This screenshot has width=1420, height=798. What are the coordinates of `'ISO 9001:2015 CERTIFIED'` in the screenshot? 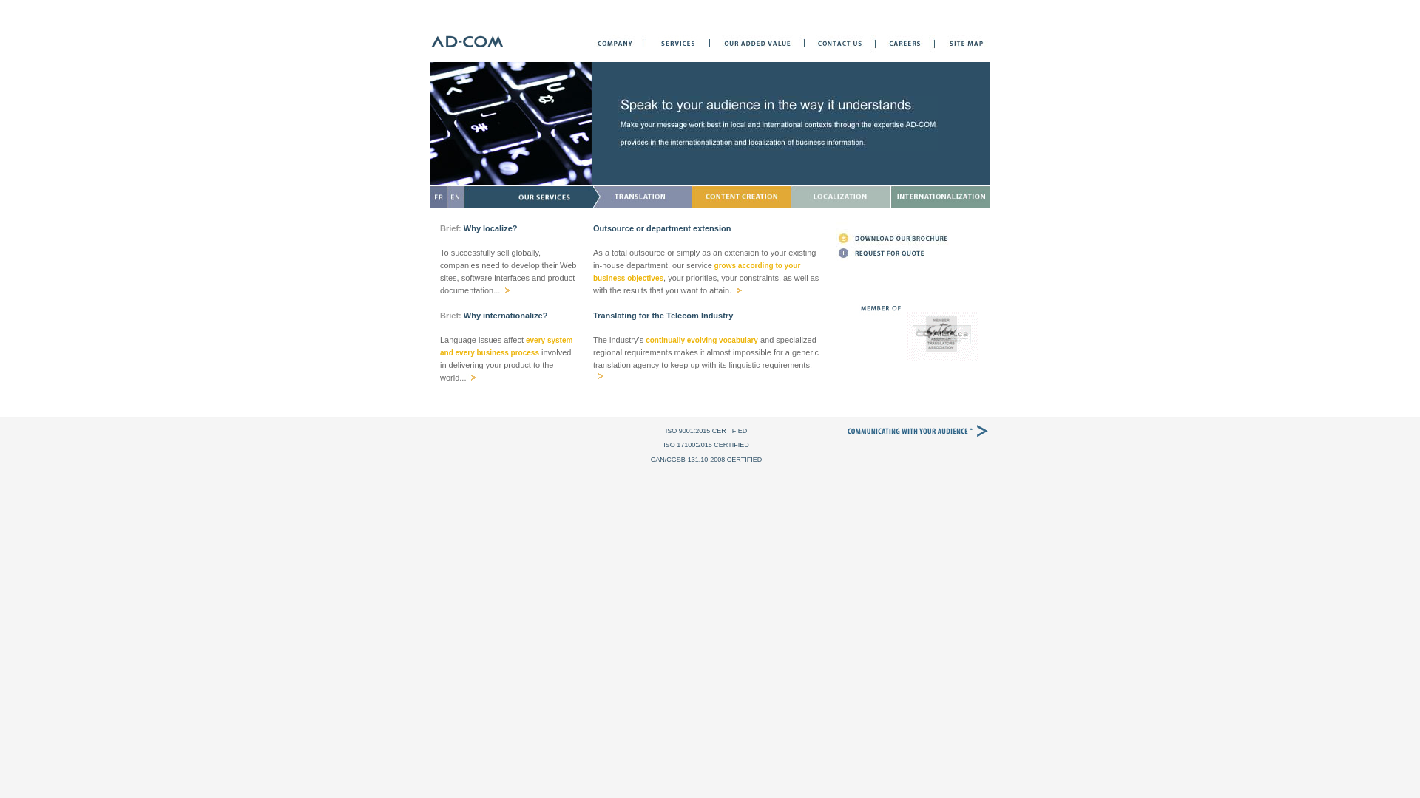 It's located at (706, 430).